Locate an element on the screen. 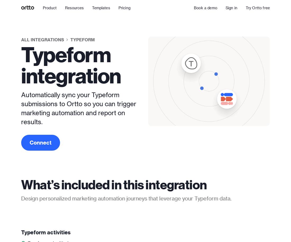  'Pricing' is located at coordinates (124, 8).